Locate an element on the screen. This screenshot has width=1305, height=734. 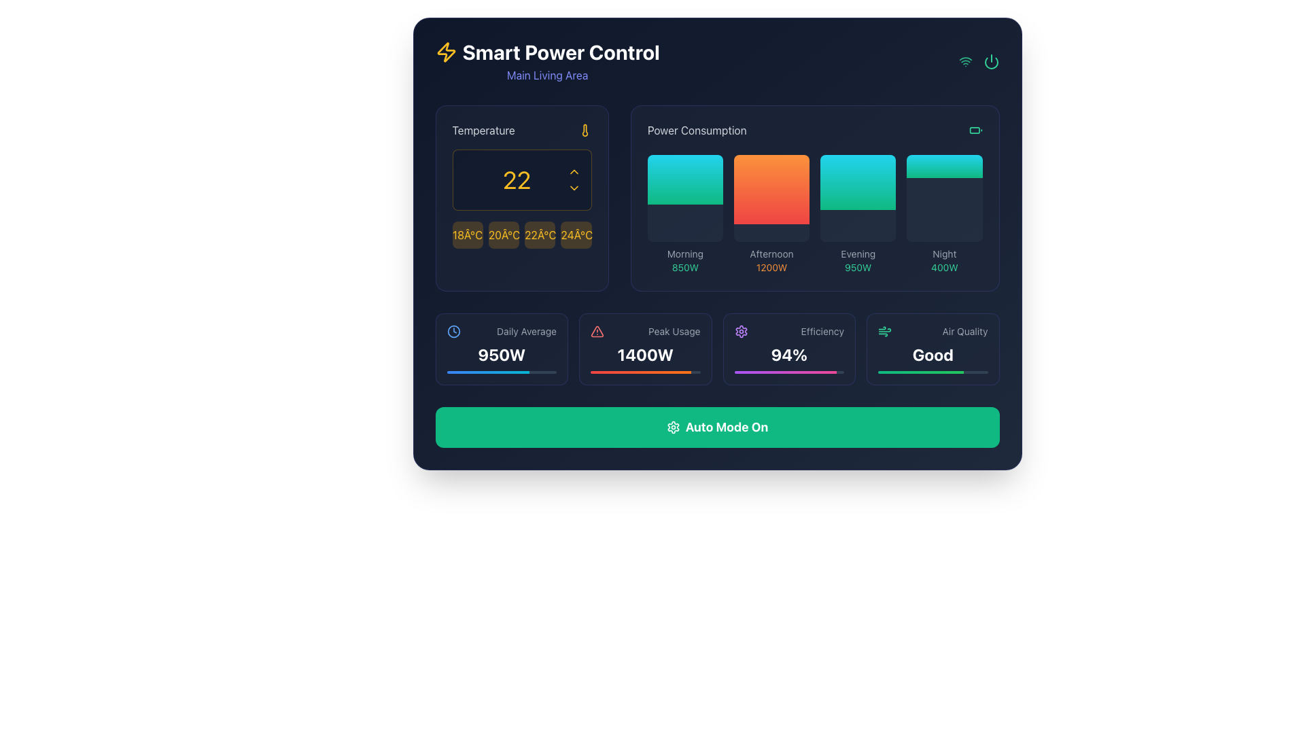
the vertical gradient representation bar in the 'Power Consumption' section that represents 'Afternoon', located between 'Morning' and 'Evening' is located at coordinates (771, 190).